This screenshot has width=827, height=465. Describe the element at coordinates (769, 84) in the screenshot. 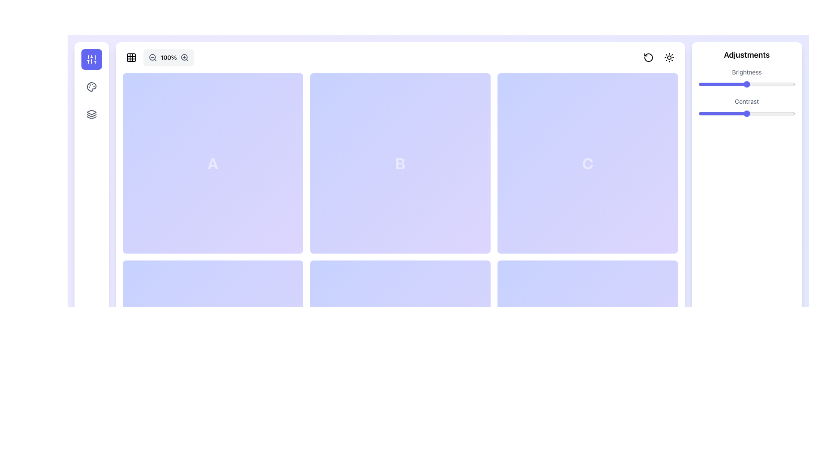

I see `the brightness level` at that location.